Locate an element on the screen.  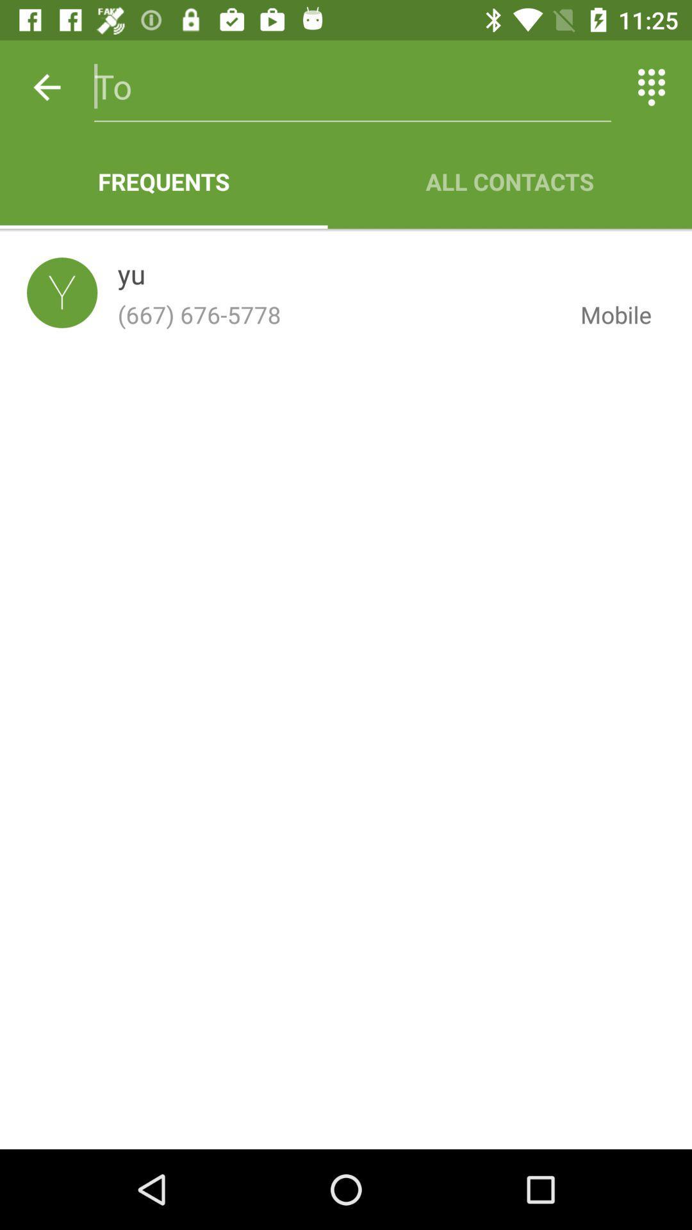
item next to the frequents is located at coordinates (509, 181).